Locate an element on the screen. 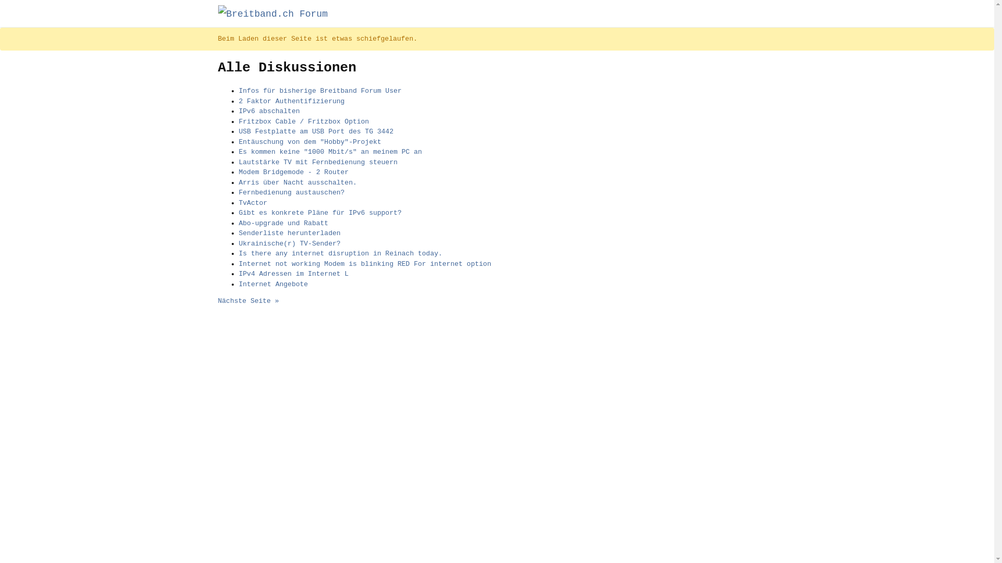 This screenshot has height=563, width=1002. 'Fritzbox Cable / Fritzbox Option' is located at coordinates (303, 121).